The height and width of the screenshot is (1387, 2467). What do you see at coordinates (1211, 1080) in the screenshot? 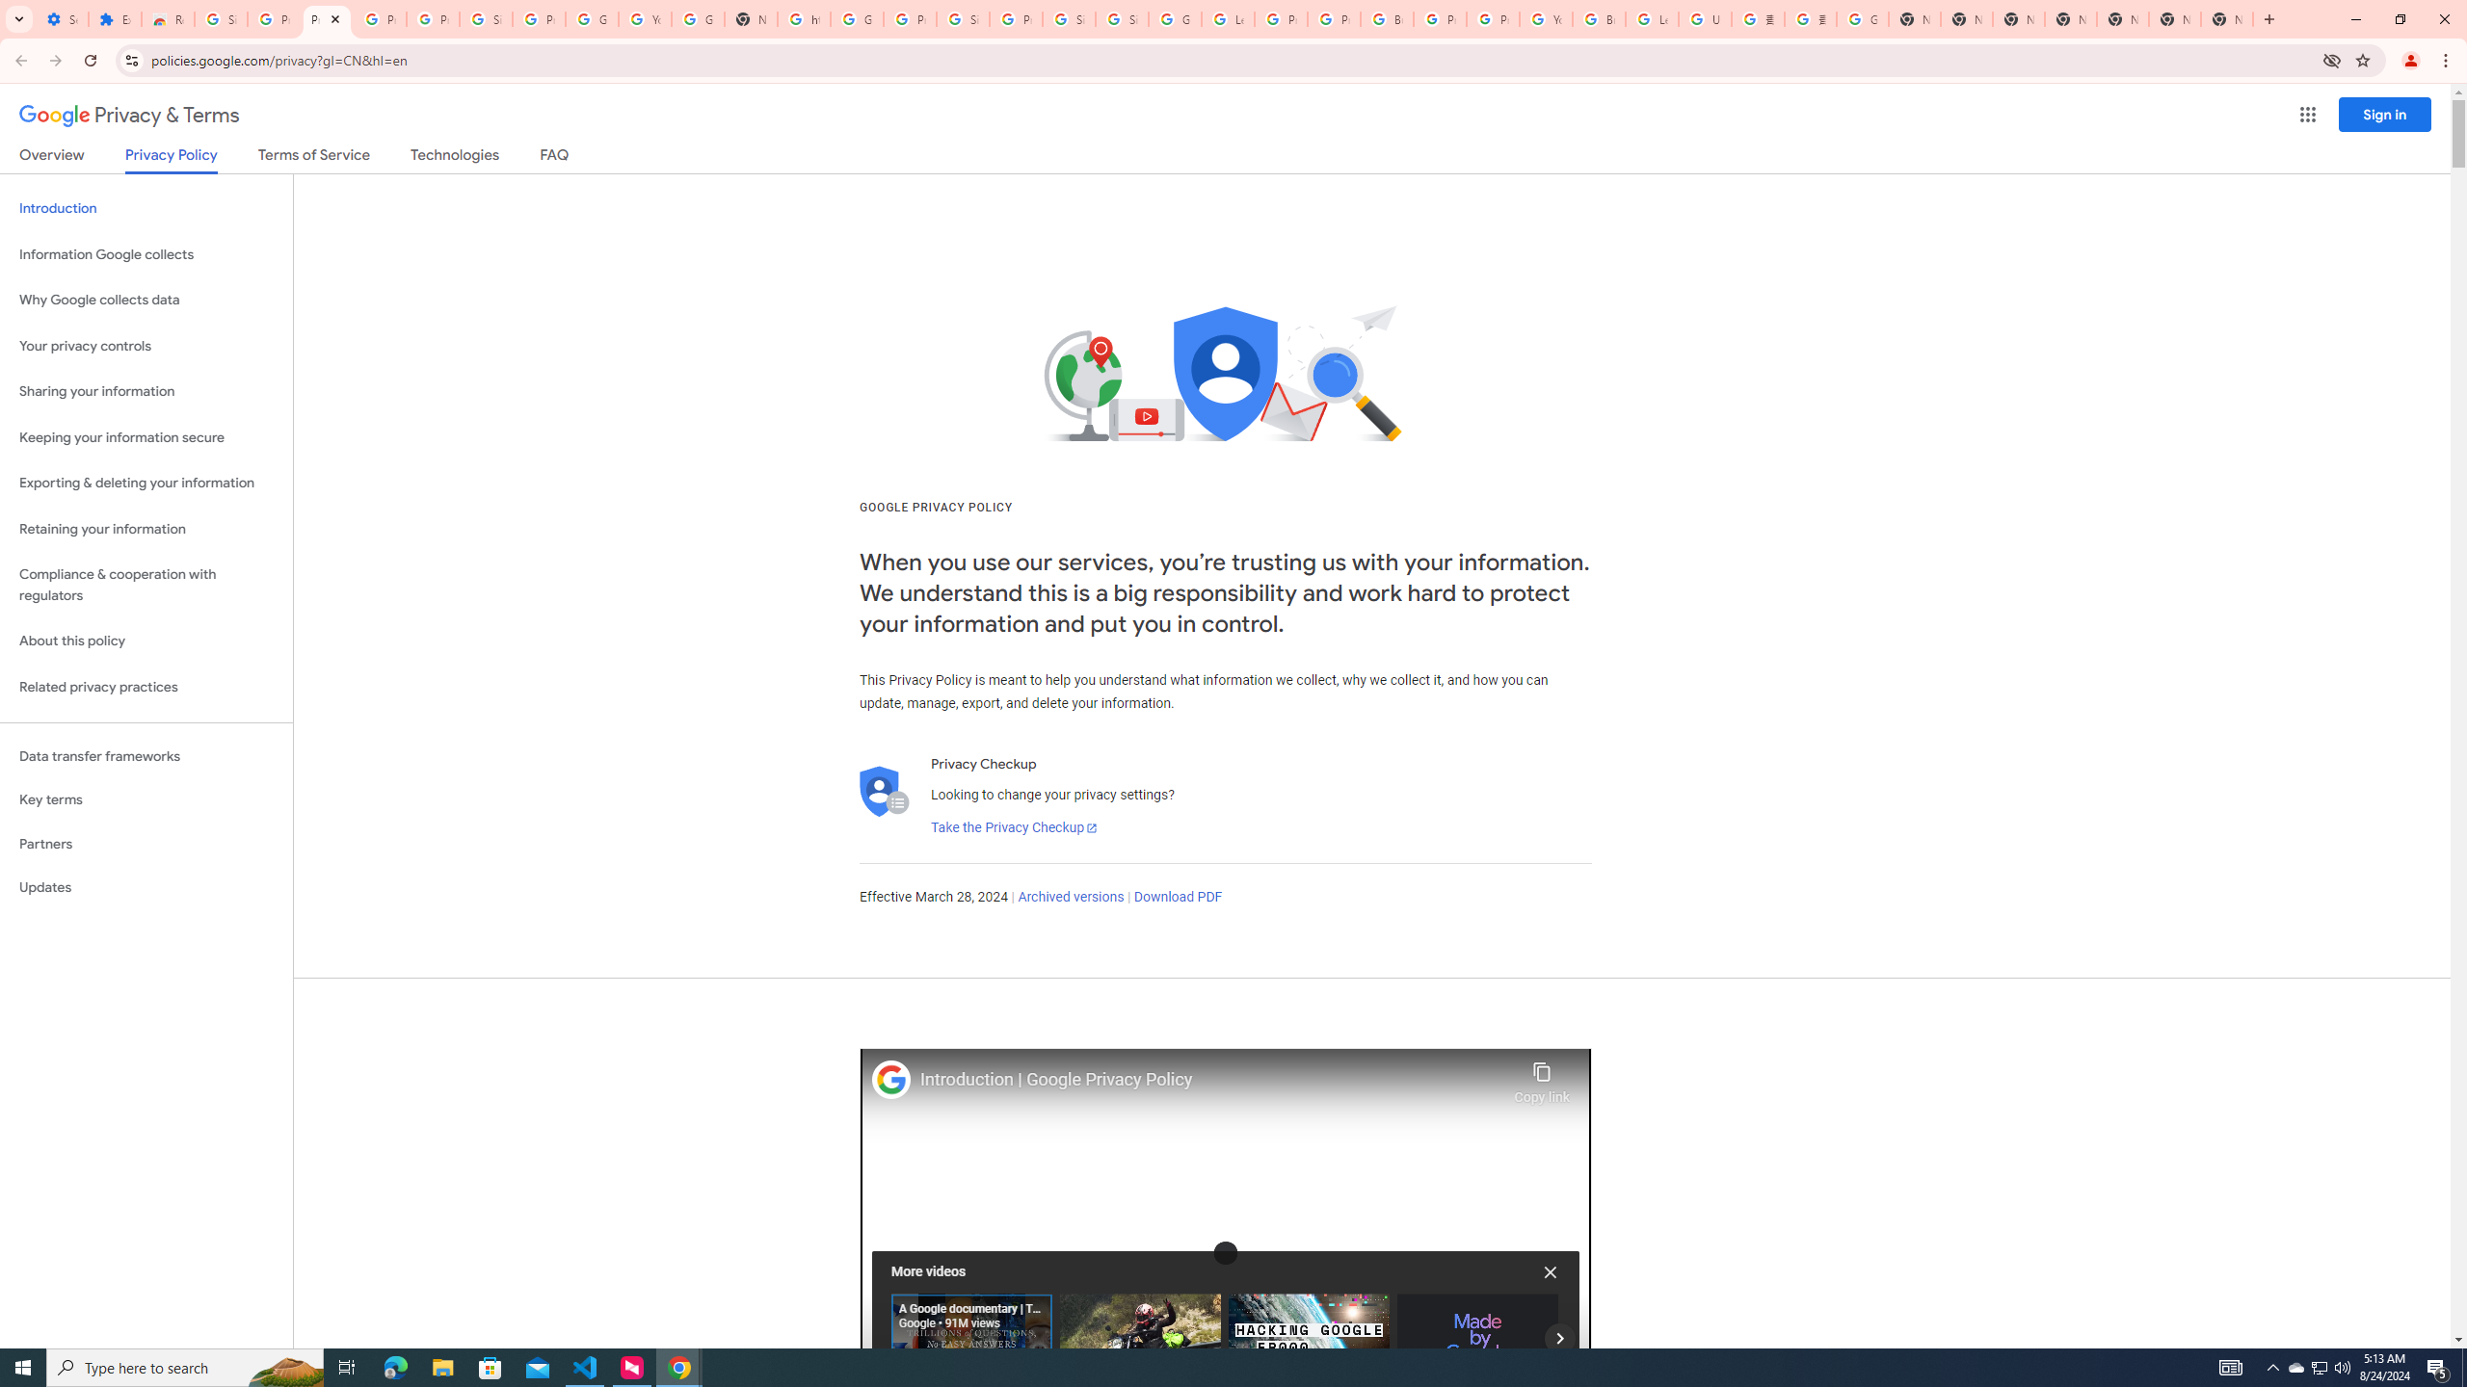
I see `'Introduction | Google Privacy Policy'` at bounding box center [1211, 1080].